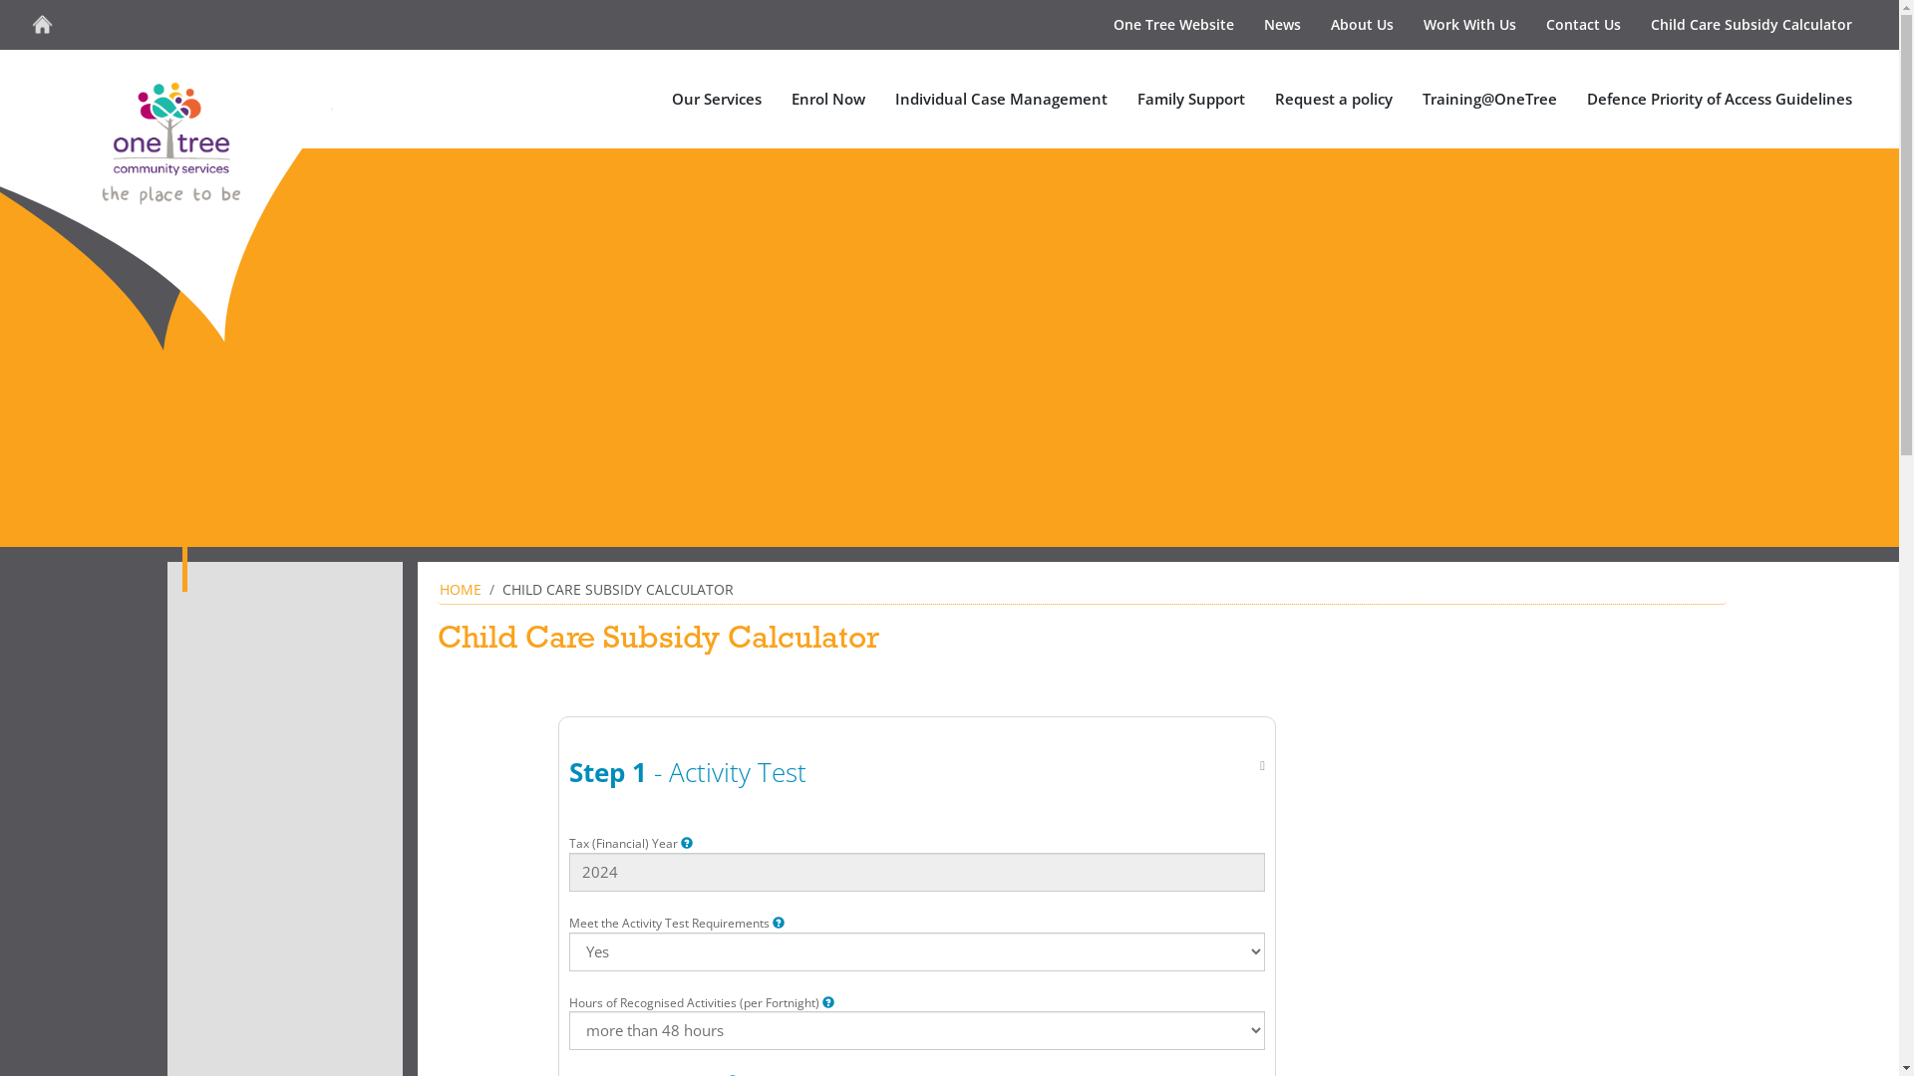 This screenshot has height=1076, width=1914. I want to click on 'Individual Case Management', so click(1001, 99).